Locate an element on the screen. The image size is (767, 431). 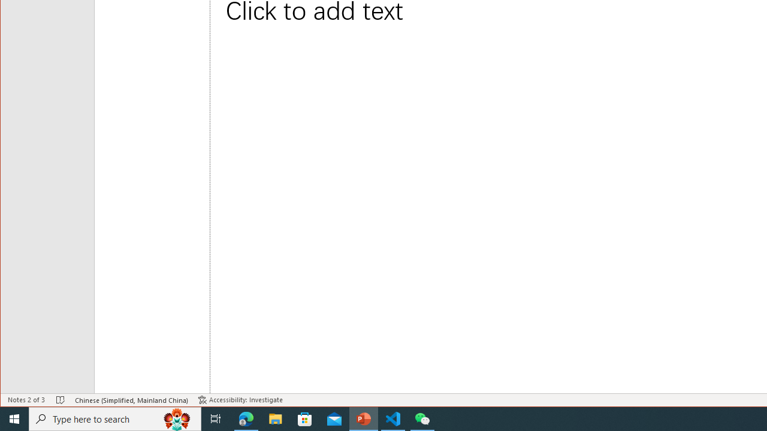
'WeChat - 1 running window' is located at coordinates (422, 418).